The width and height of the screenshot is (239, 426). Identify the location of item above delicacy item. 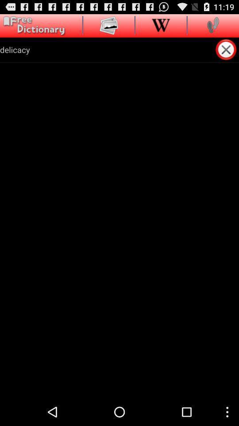
(32, 25).